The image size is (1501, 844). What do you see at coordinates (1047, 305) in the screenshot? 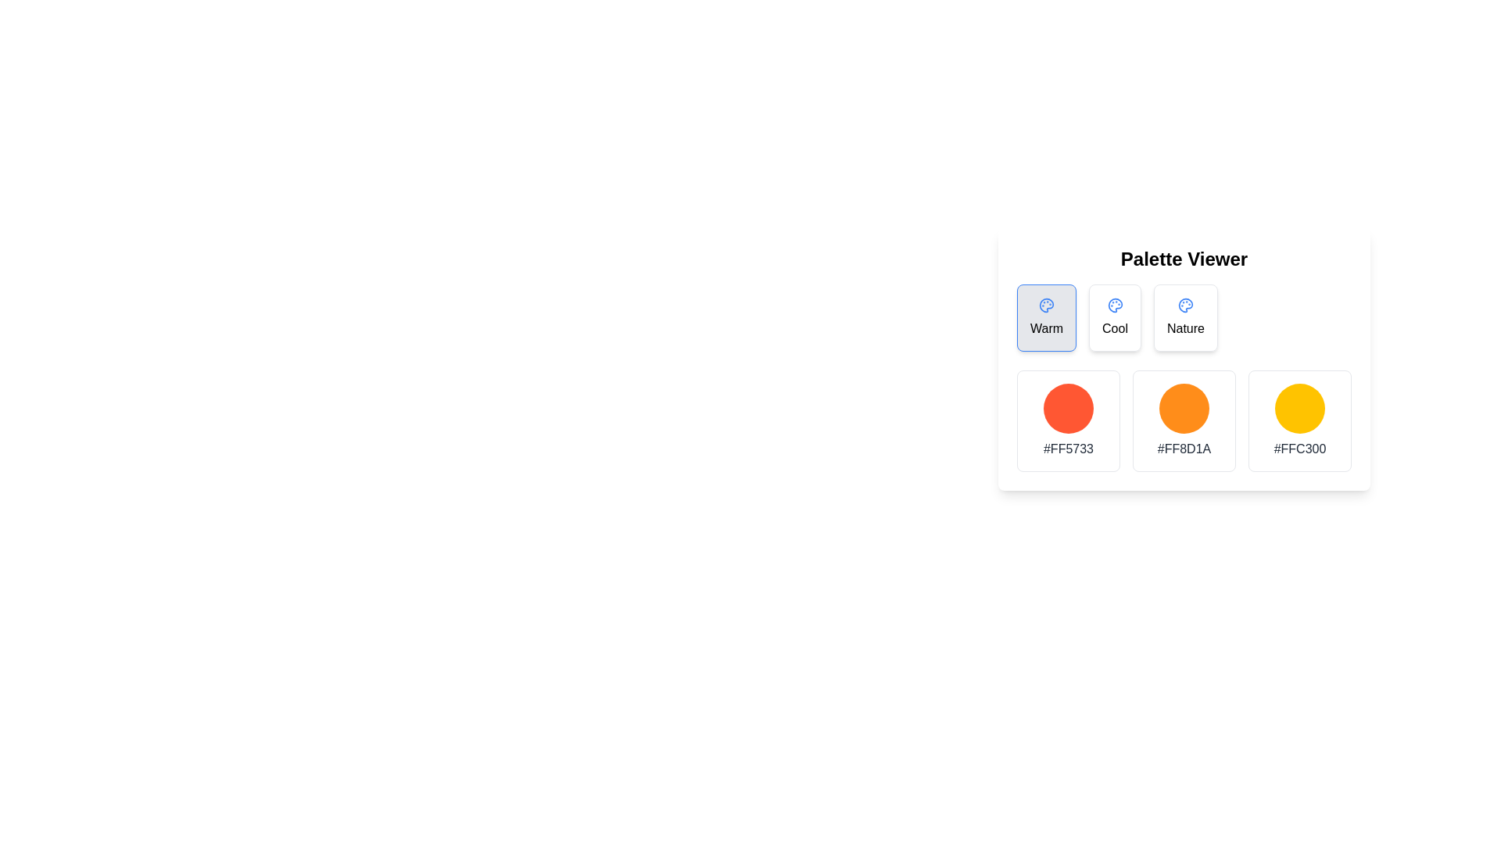
I see `the circular blue palette icon located in the 'Palette Viewer' interface section, positioned to the left of the 'Warm' label` at bounding box center [1047, 305].